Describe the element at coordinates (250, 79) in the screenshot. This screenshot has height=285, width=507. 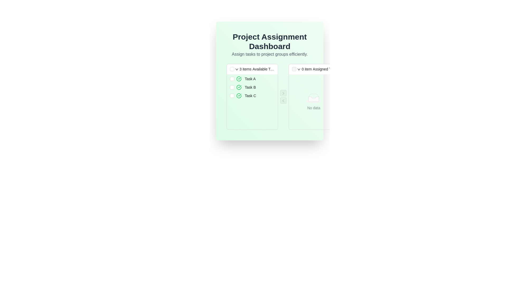
I see `the text label 'Task A', which indicates a task's identity in the task selection system, located in the top-left quadrant adjacent to a green checkmark icon` at that location.